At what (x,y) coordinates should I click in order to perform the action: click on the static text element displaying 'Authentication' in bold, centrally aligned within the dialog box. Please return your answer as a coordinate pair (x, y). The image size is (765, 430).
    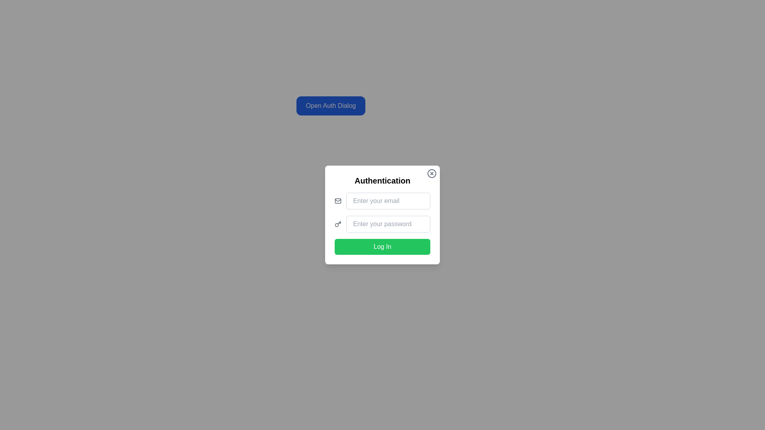
    Looking at the image, I should click on (382, 181).